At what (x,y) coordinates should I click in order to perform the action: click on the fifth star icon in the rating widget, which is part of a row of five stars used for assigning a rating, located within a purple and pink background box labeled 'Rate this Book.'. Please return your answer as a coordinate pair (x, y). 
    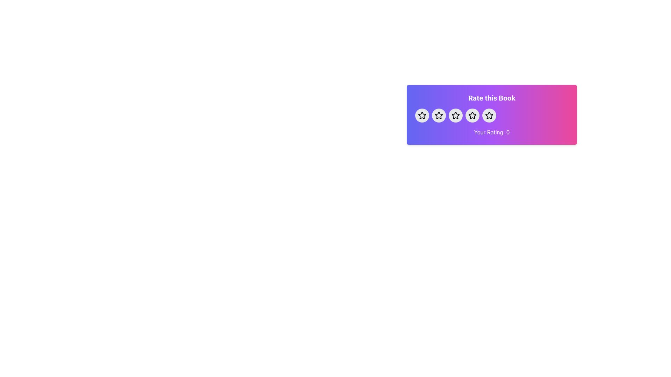
    Looking at the image, I should click on (489, 115).